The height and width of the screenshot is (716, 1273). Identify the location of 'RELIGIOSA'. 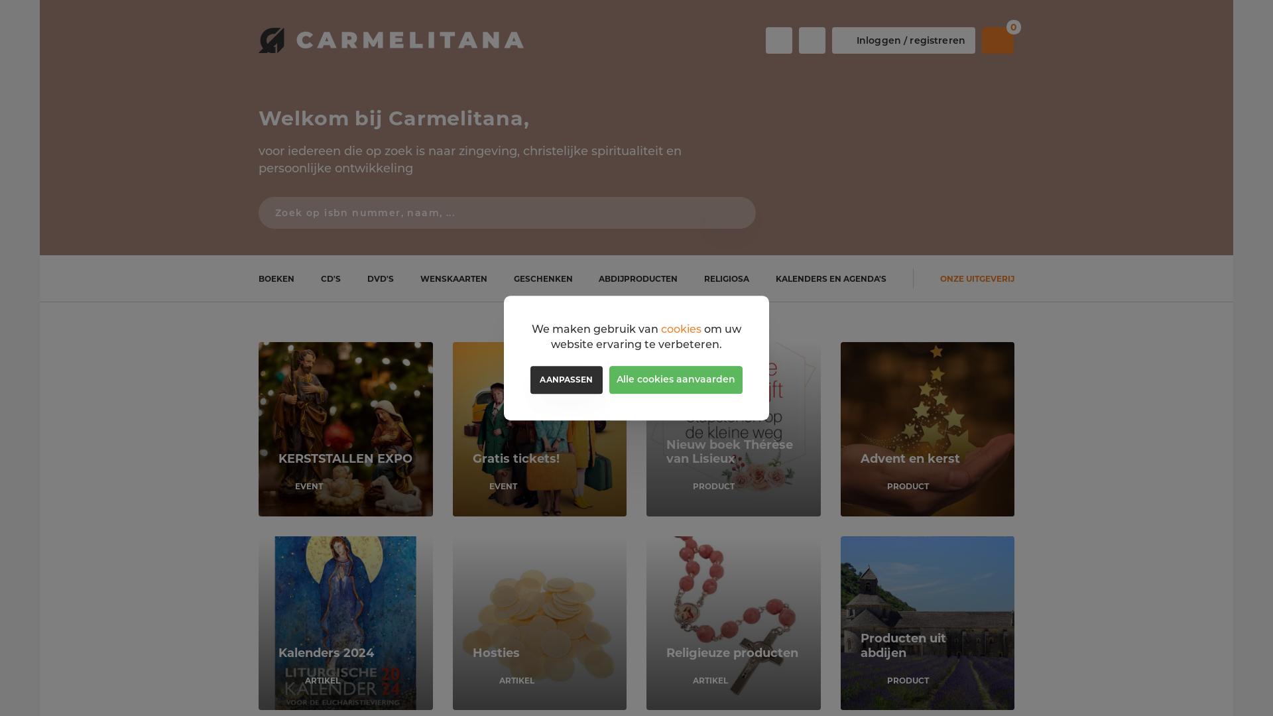
(725, 278).